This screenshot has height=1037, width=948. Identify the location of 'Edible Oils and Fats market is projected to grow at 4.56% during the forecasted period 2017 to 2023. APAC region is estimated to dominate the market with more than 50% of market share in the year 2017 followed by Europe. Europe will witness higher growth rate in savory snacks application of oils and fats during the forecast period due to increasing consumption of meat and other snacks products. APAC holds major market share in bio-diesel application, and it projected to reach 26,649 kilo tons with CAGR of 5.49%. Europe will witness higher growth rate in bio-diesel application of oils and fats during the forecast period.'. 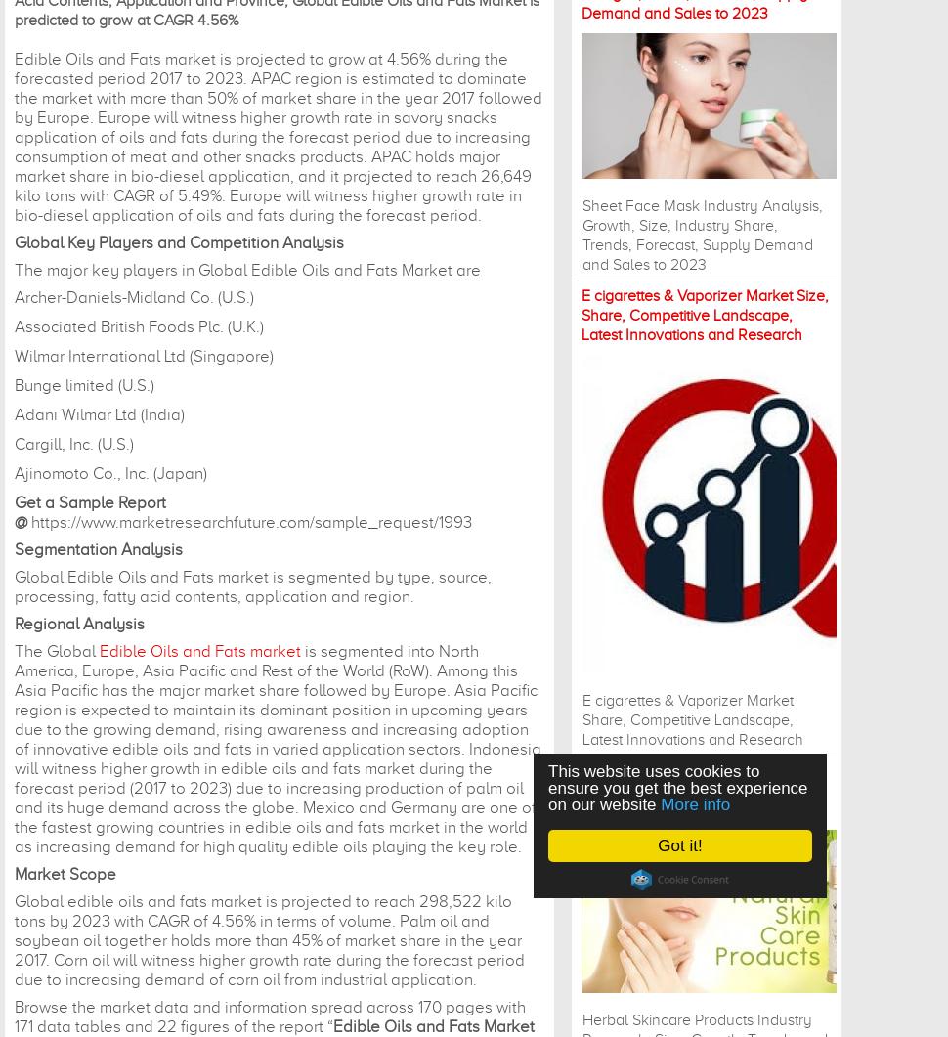
(277, 136).